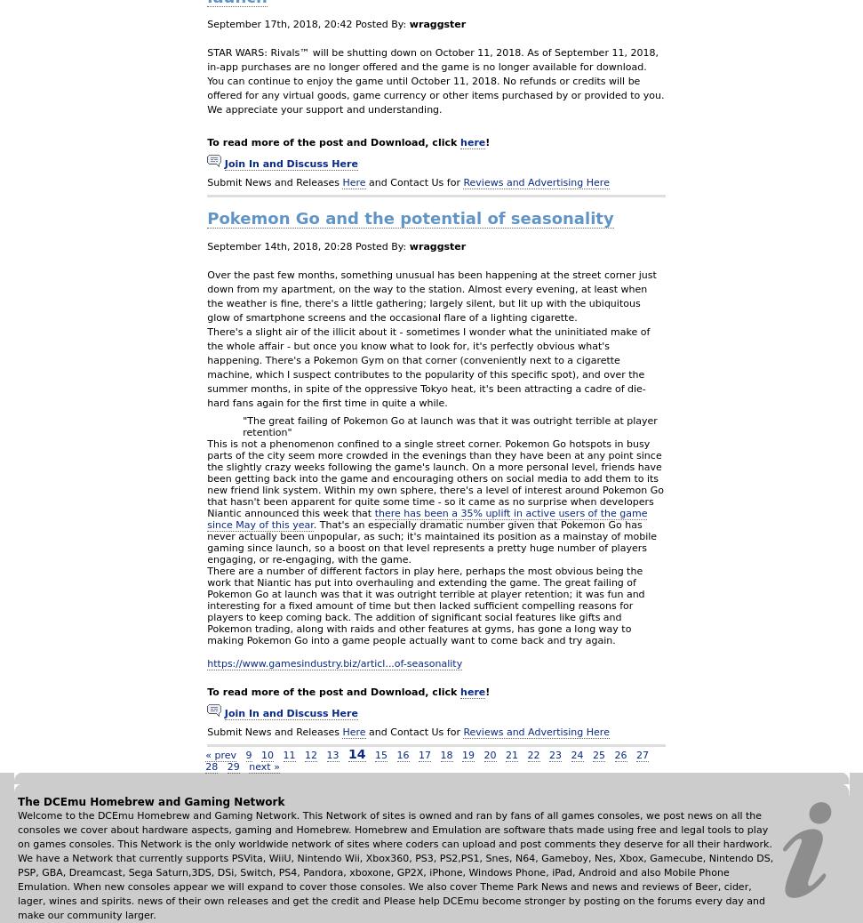 This screenshot has width=863, height=923. Describe the element at coordinates (288, 754) in the screenshot. I see `'11'` at that location.